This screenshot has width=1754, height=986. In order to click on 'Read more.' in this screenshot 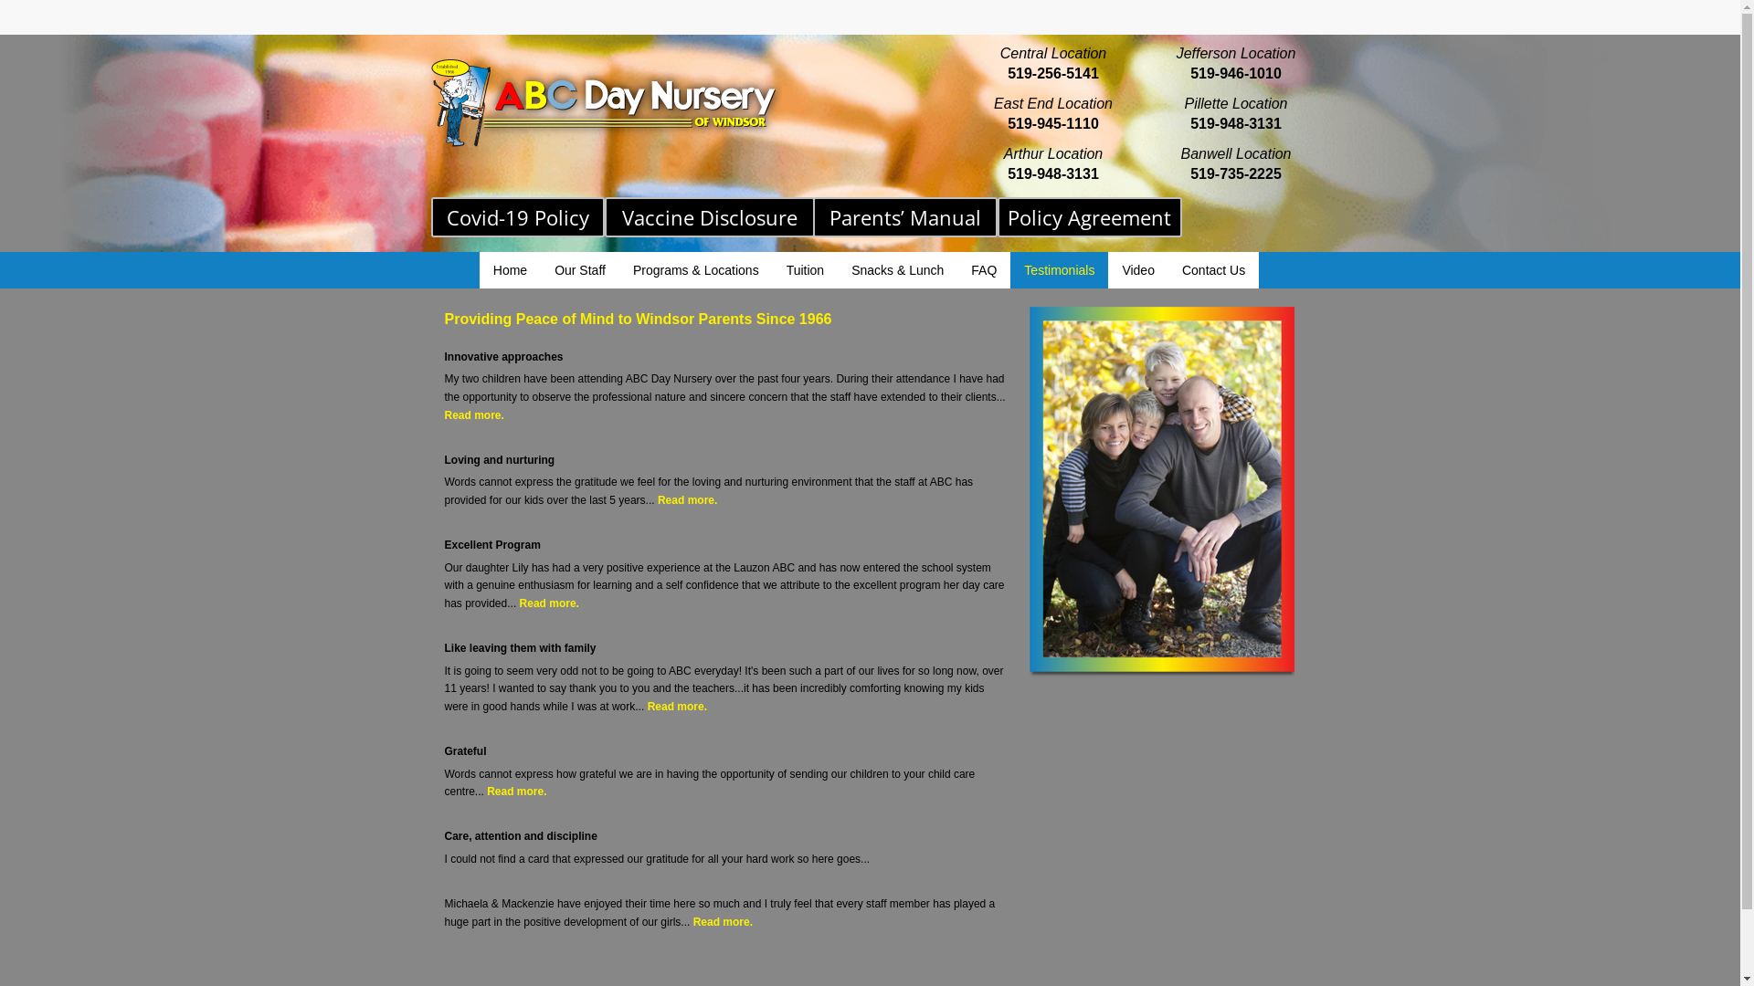, I will do `click(473, 415)`.